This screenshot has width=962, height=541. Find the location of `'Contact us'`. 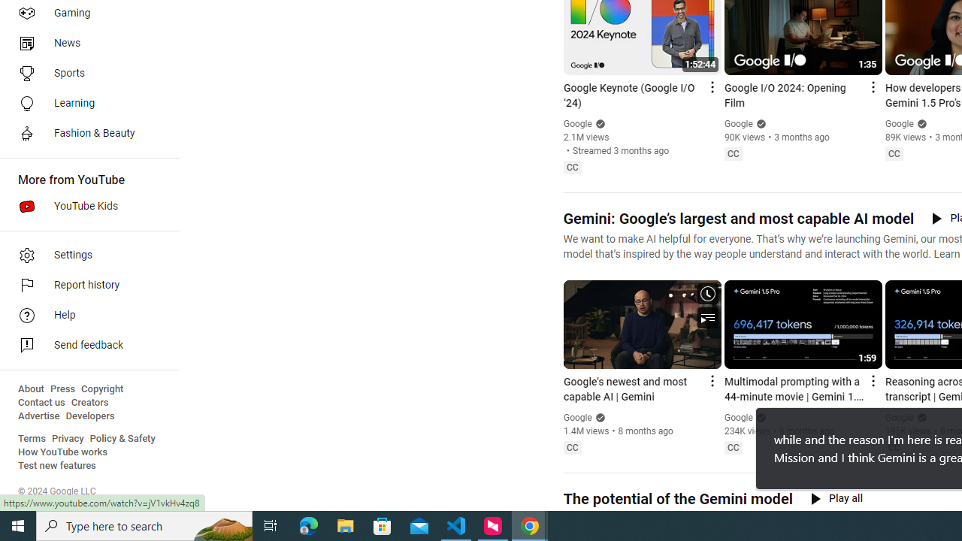

'Contact us' is located at coordinates (41, 402).